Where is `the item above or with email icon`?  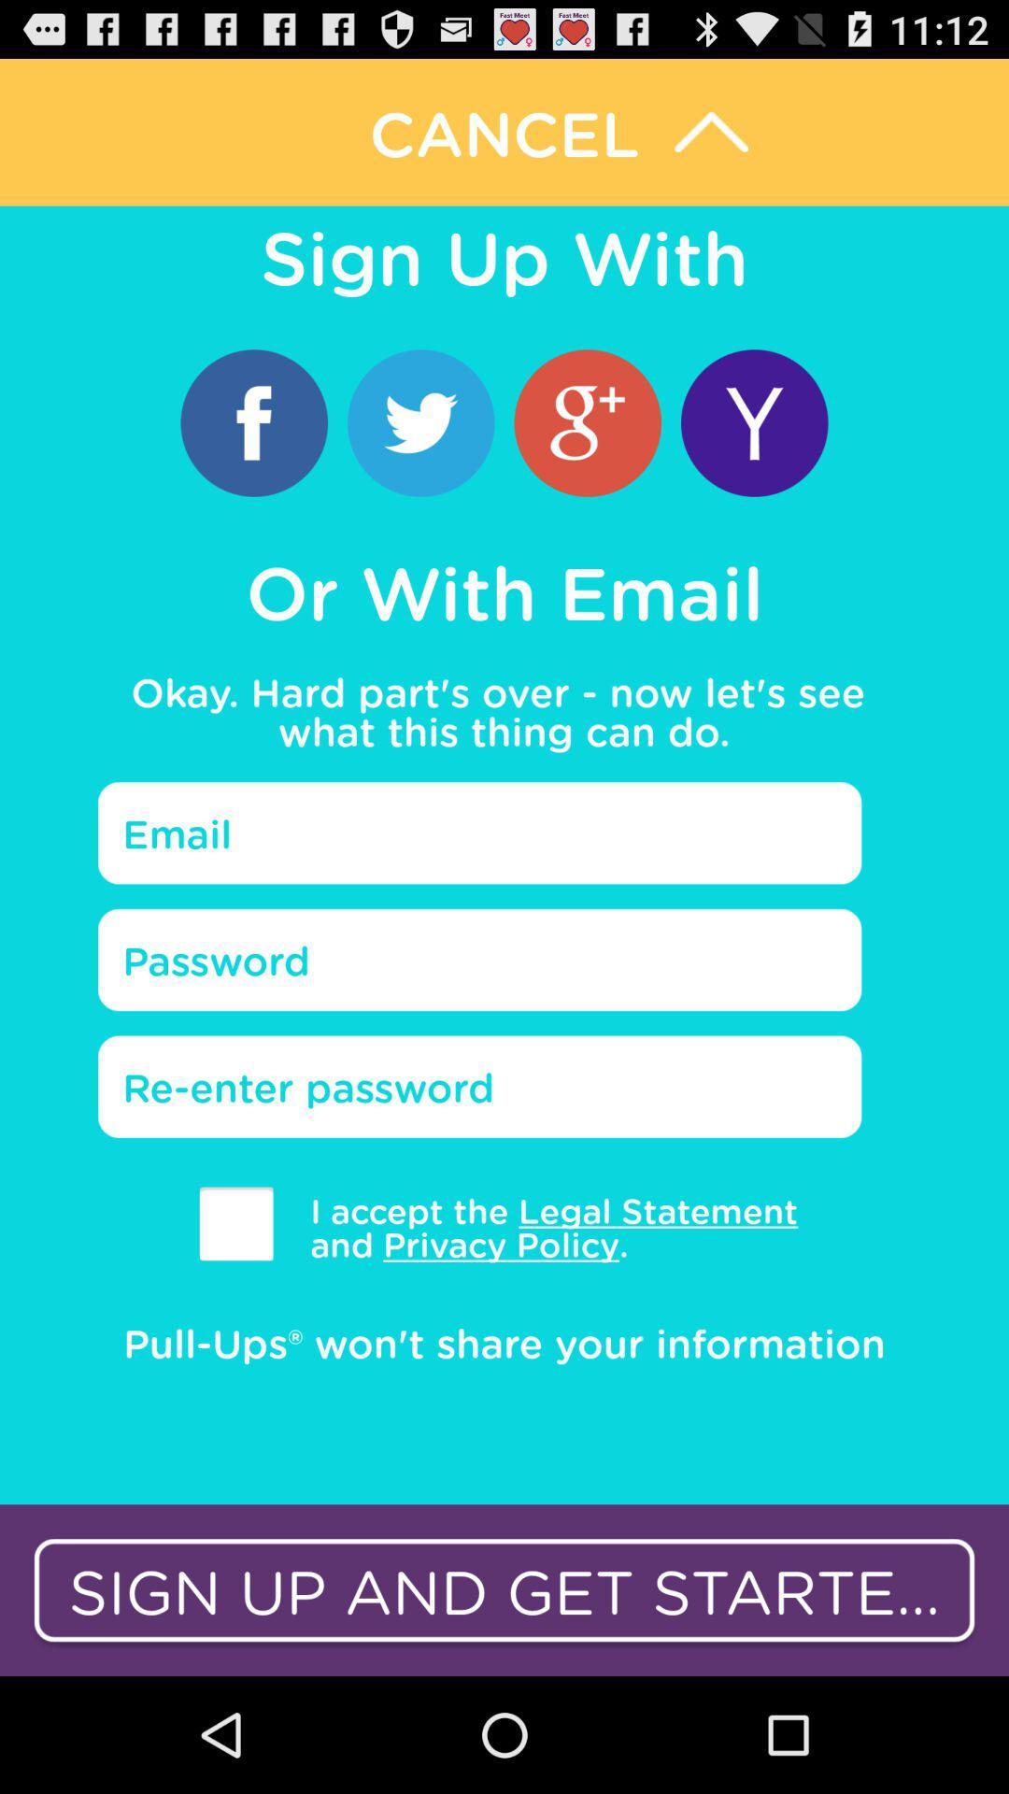 the item above or with email icon is located at coordinates (254, 421).